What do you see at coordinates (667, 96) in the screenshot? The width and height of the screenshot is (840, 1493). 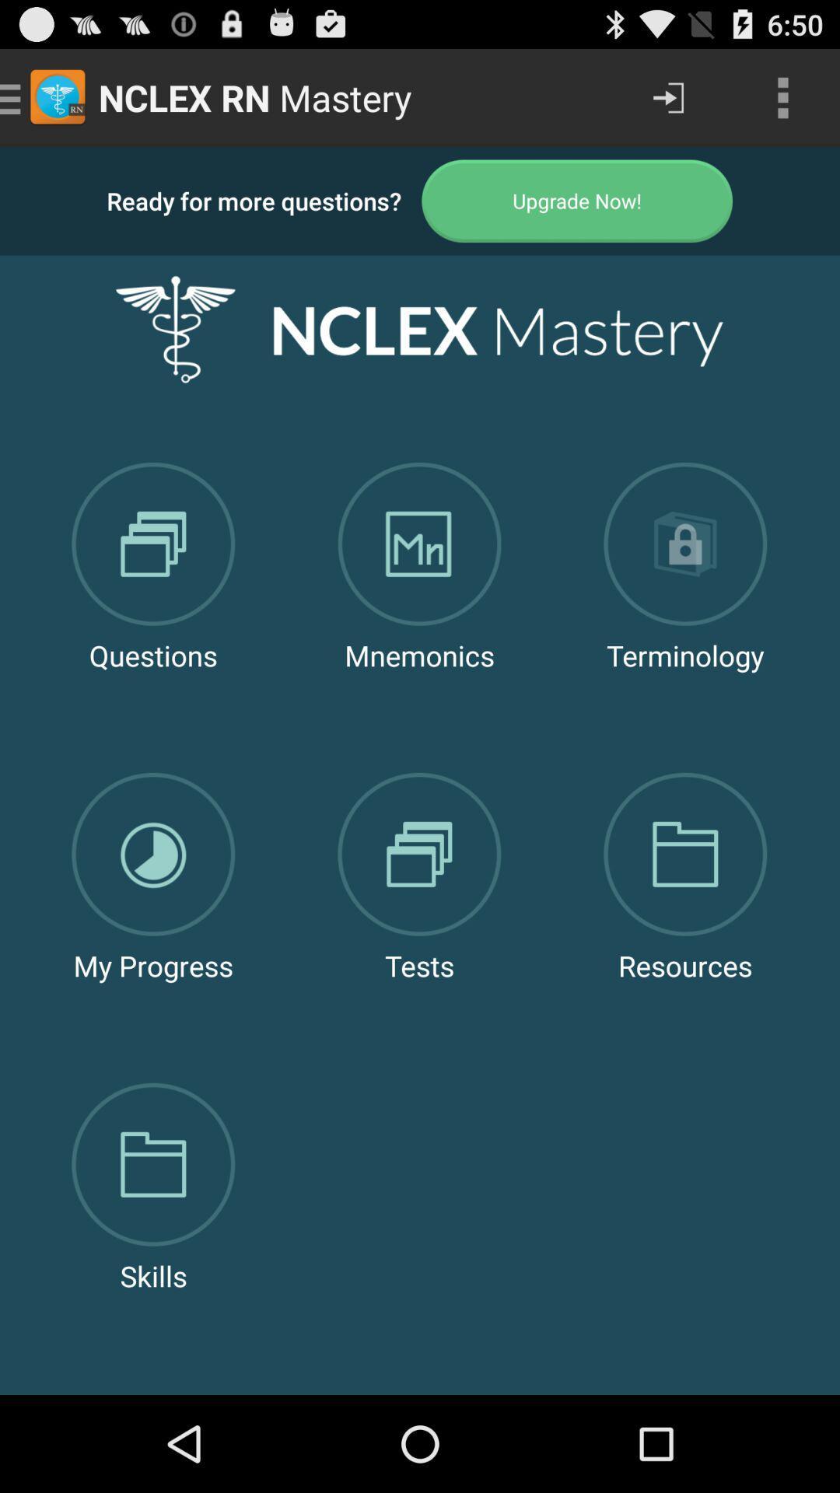 I see `the icon to the right of nclex rn mastery item` at bounding box center [667, 96].